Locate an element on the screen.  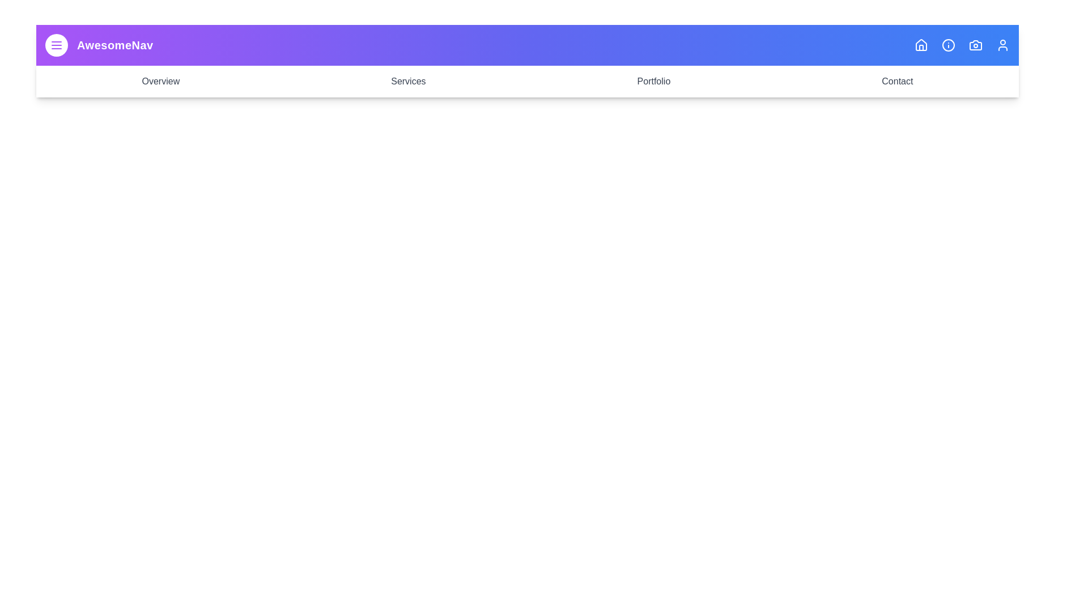
the Info icon in the app bar is located at coordinates (949, 45).